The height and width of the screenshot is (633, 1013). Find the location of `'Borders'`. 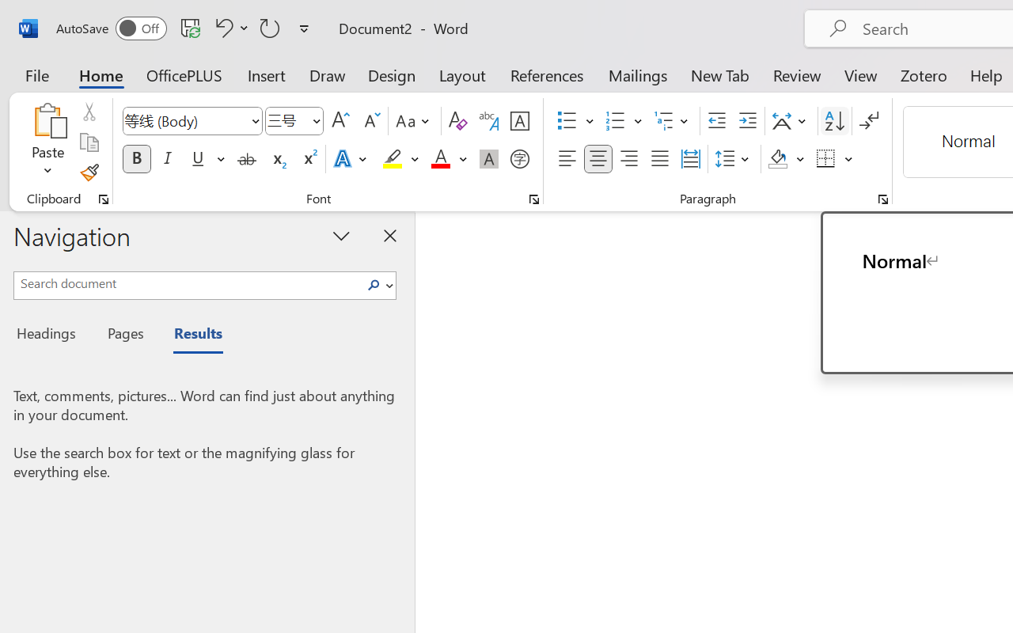

'Borders' is located at coordinates (825, 159).